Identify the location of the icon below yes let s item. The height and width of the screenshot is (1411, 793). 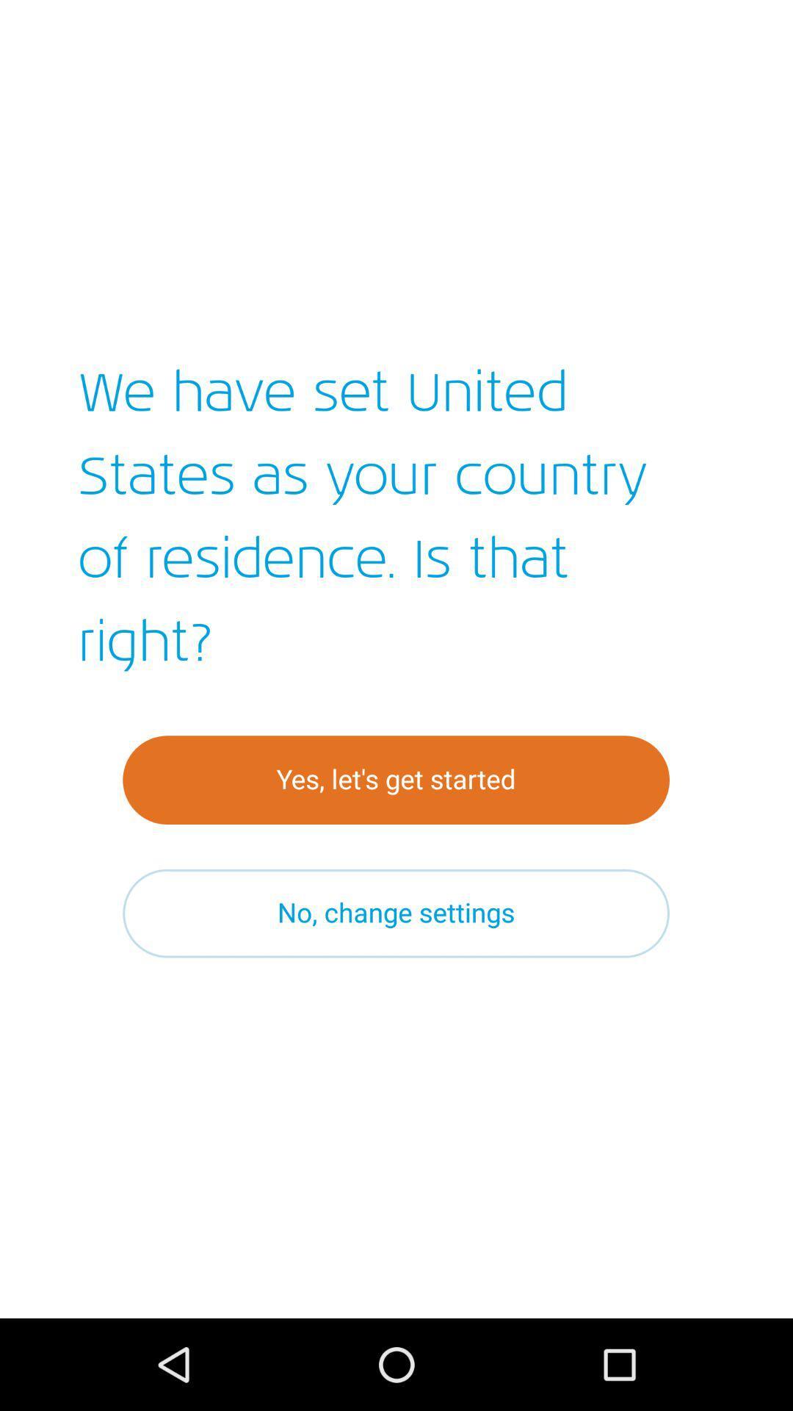
(395, 913).